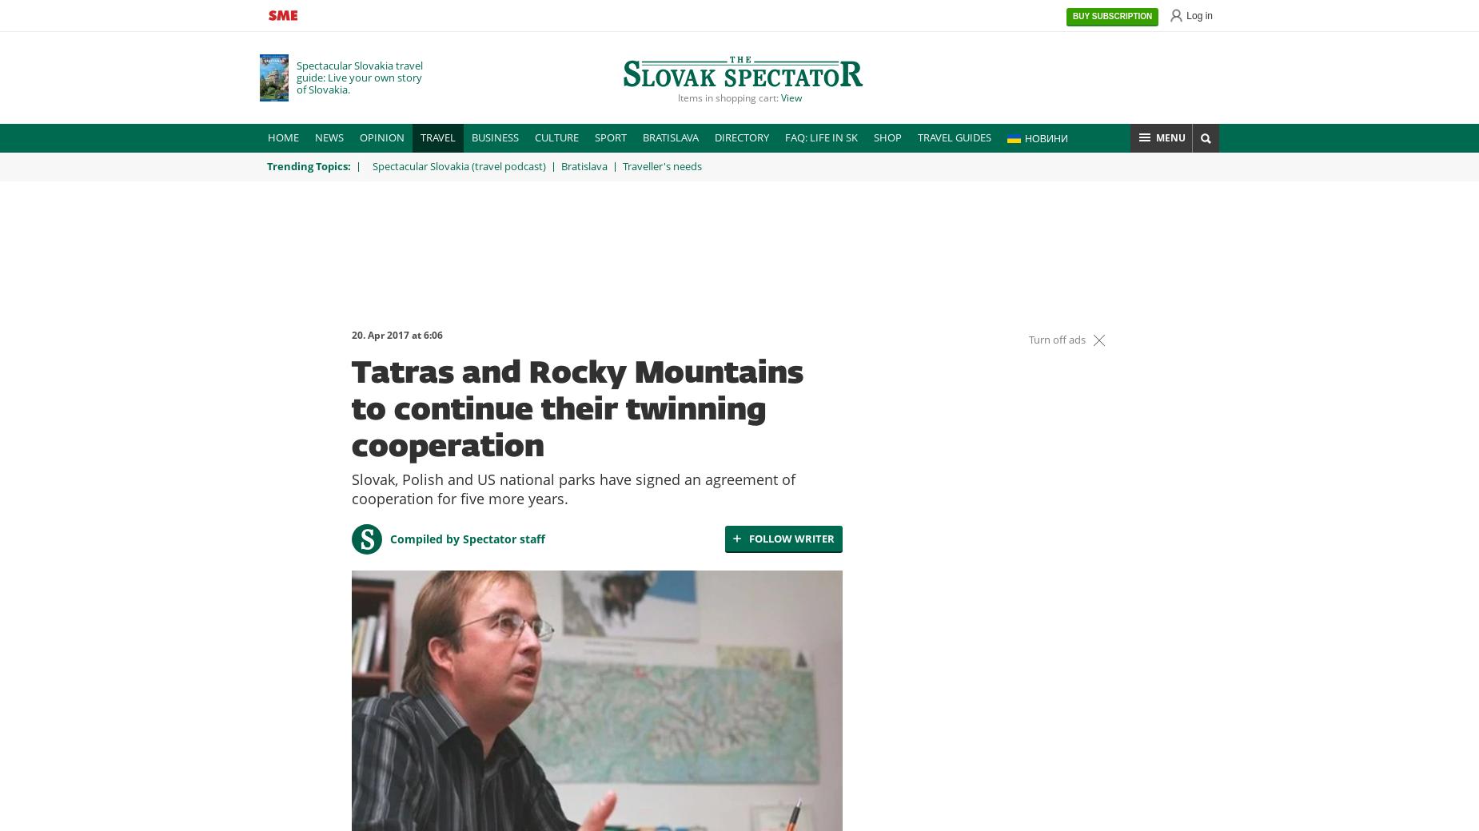 This screenshot has height=831, width=1479. Describe the element at coordinates (728, 96) in the screenshot. I see `'Items in shopping cart:'` at that location.